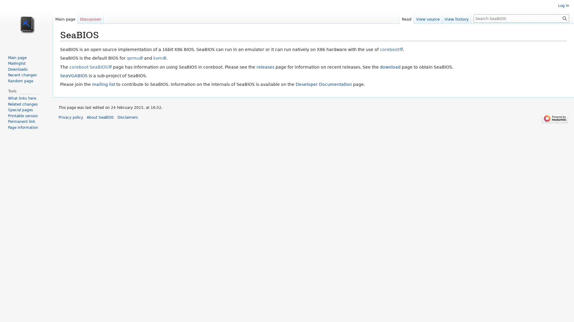 This screenshot has width=574, height=322. Describe the element at coordinates (564, 18) in the screenshot. I see `Search` at that location.